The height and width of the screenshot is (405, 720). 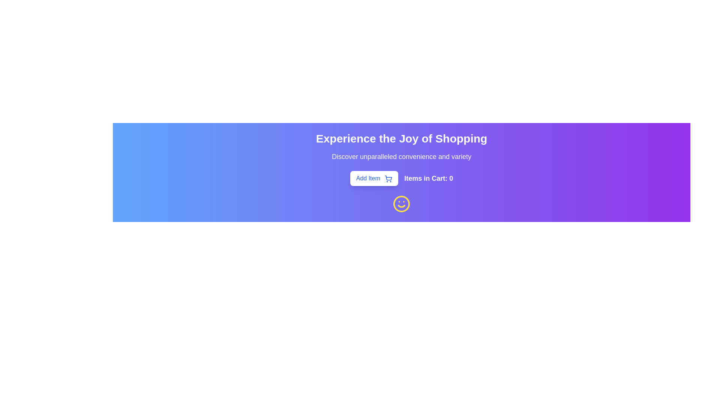 What do you see at coordinates (401, 204) in the screenshot?
I see `the smiley face icon, which is a yellow circular SVG graphic with two eyes and a smile, located near the bottom-center of the interface below the text 'Items in Cart: 0'` at bounding box center [401, 204].